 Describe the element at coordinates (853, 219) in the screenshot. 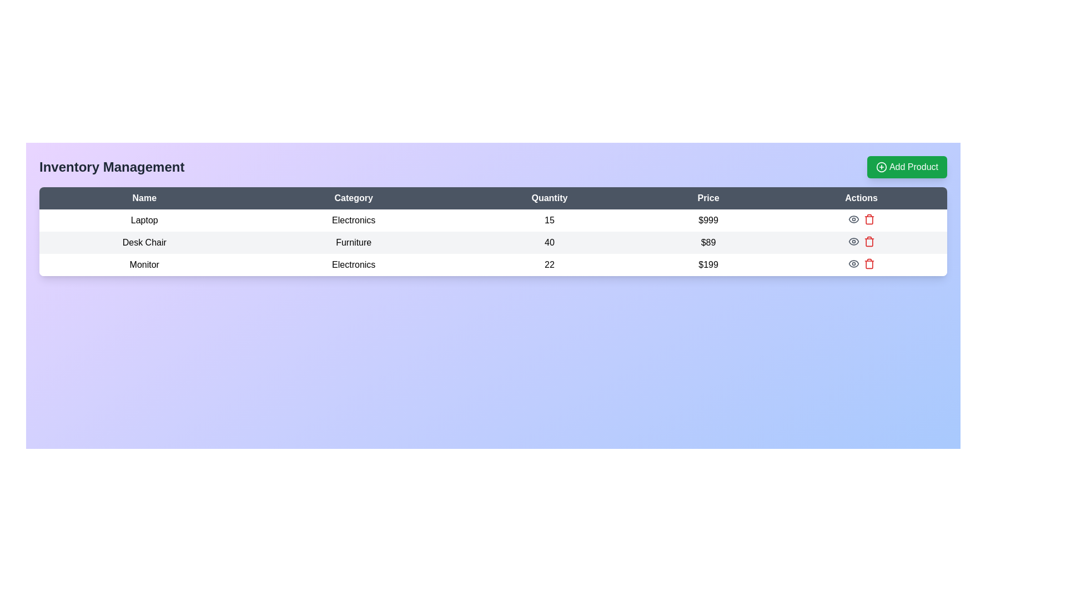

I see `the eye-shaped icon in the 'Actions' column for the product 'Laptop'` at that location.